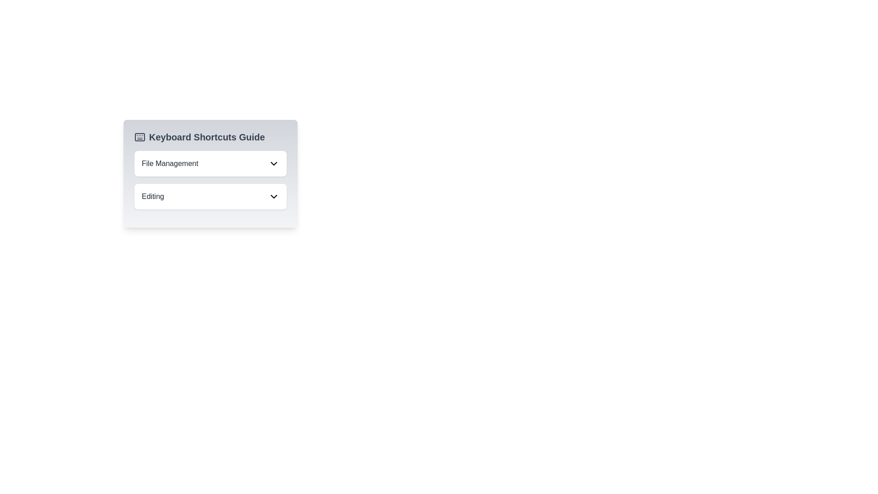 Image resolution: width=878 pixels, height=494 pixels. I want to click on the downward-facing chevron icon next to 'File Management', so click(273, 163).